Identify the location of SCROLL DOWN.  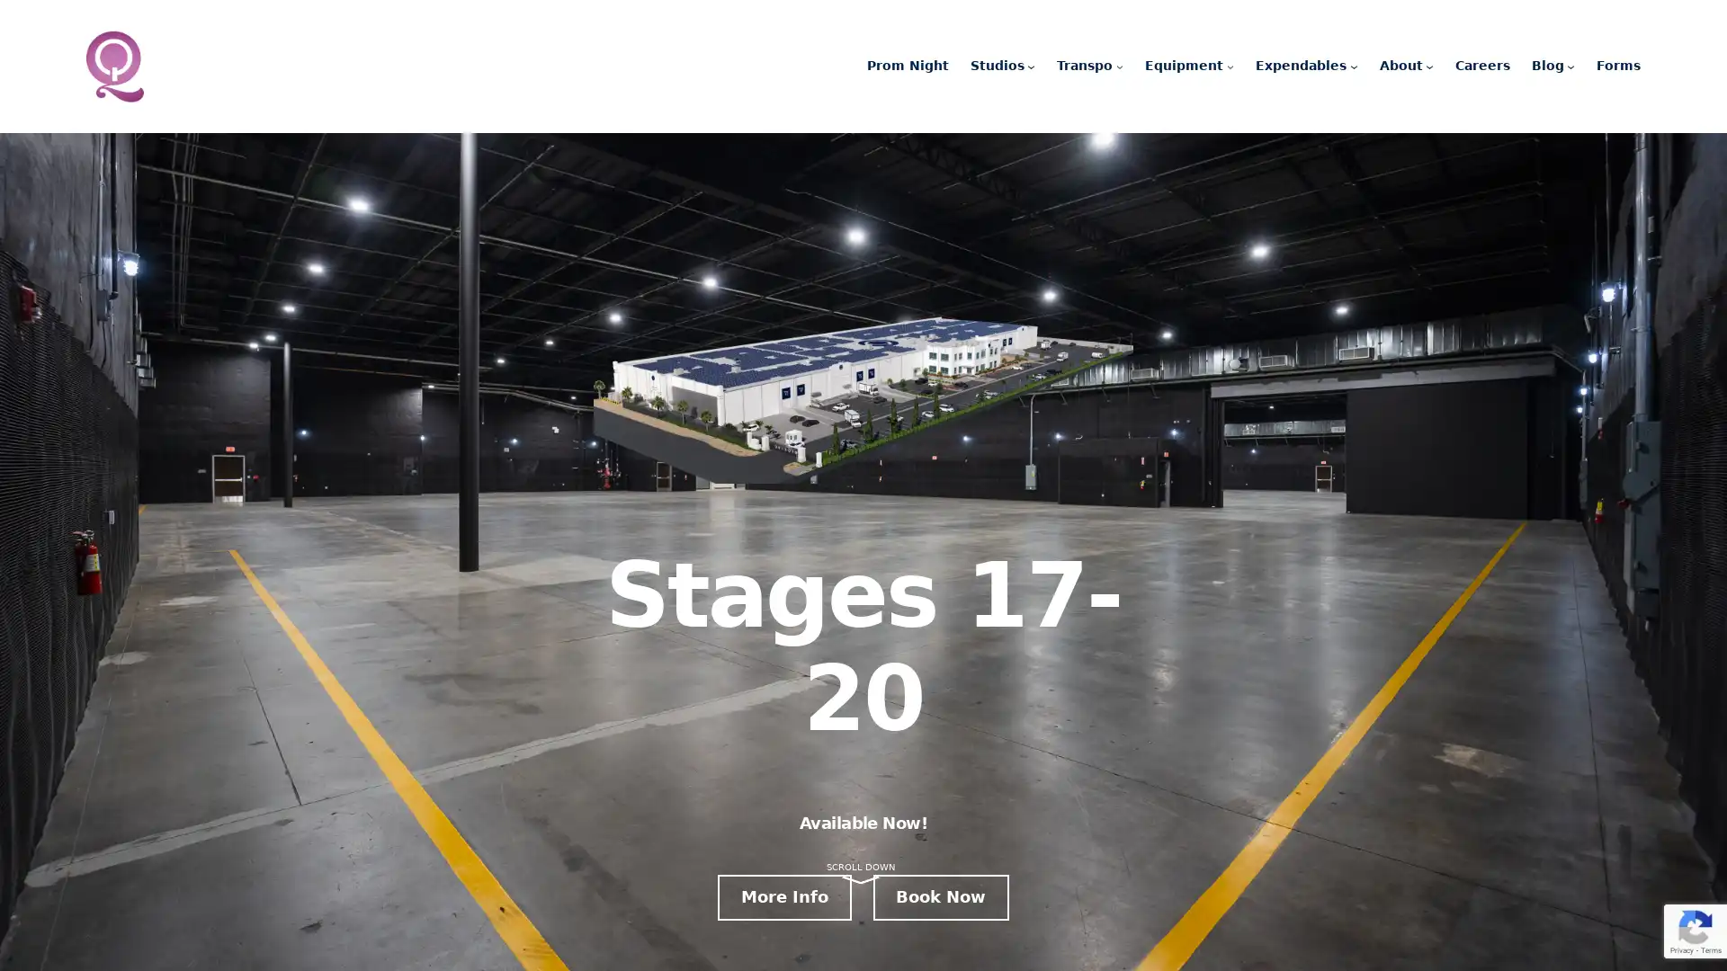
(859, 866).